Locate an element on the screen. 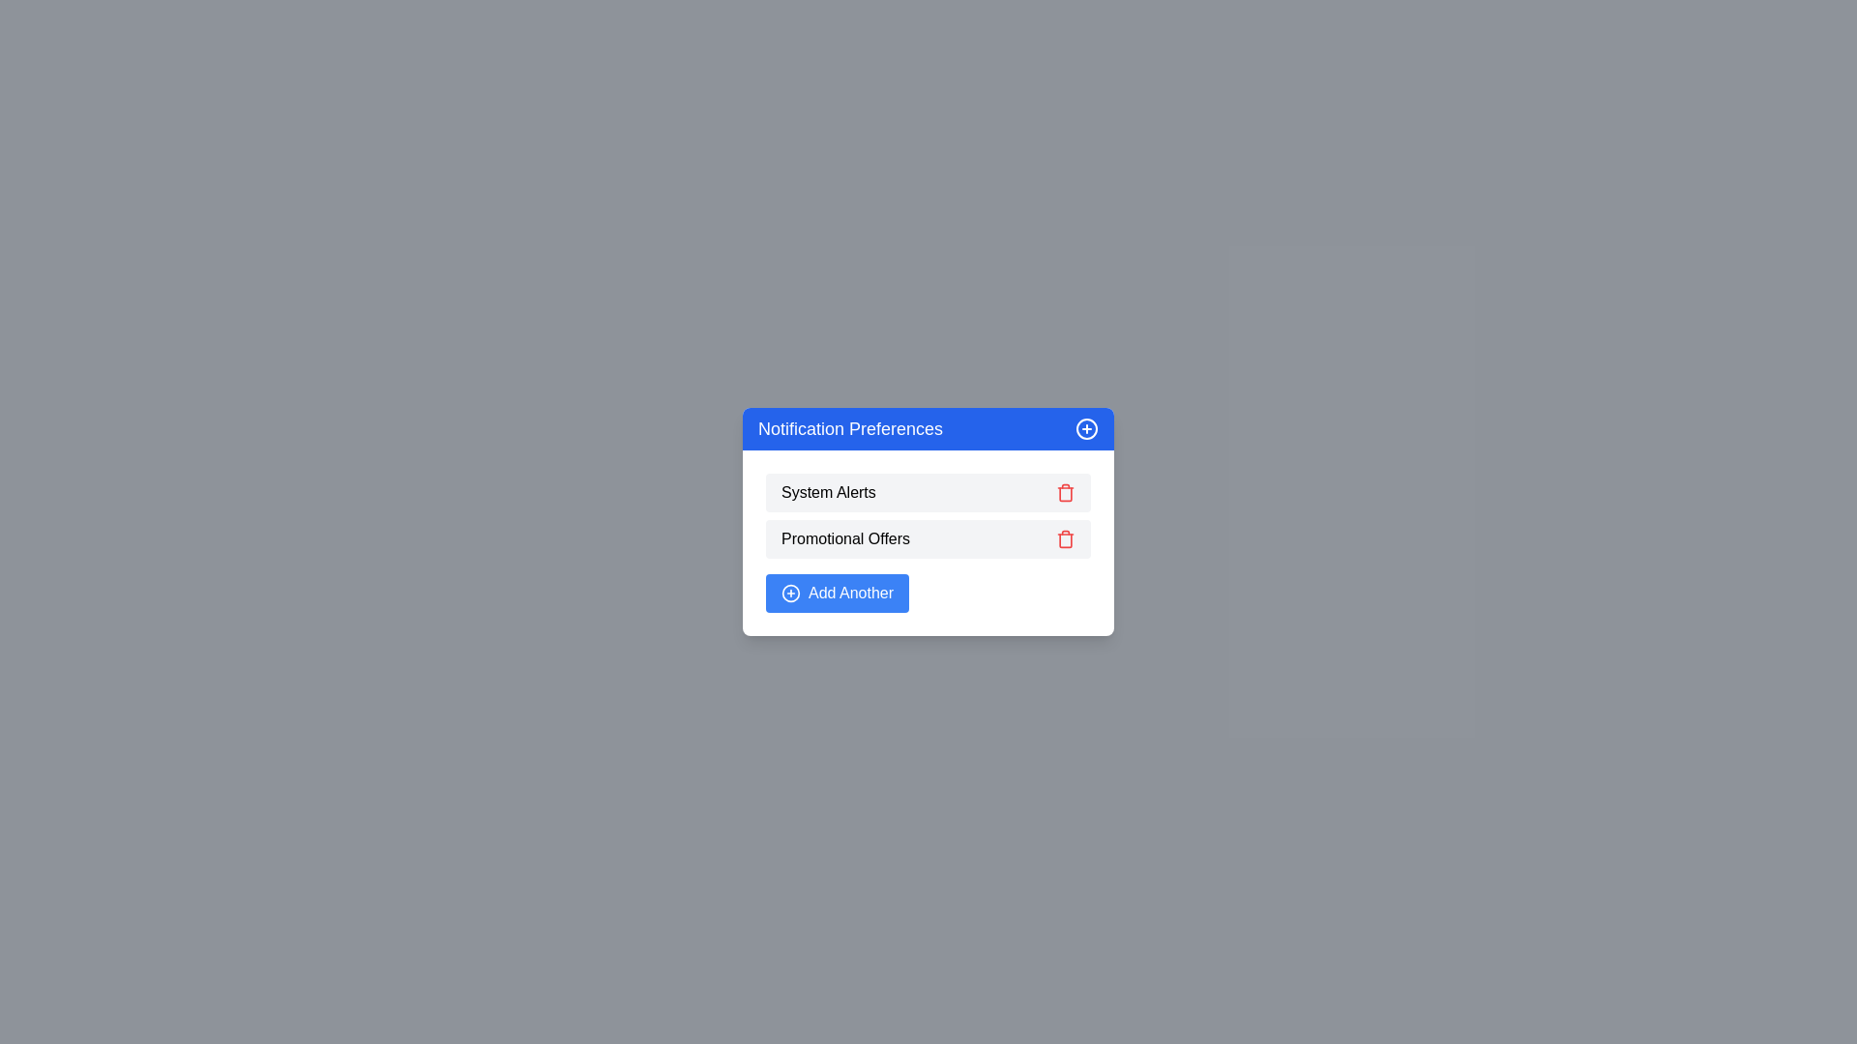 Image resolution: width=1857 pixels, height=1044 pixels. the second row of the notification options, which lists 'Promotional Offers' and has a trash icon styled in red is located at coordinates (928, 543).